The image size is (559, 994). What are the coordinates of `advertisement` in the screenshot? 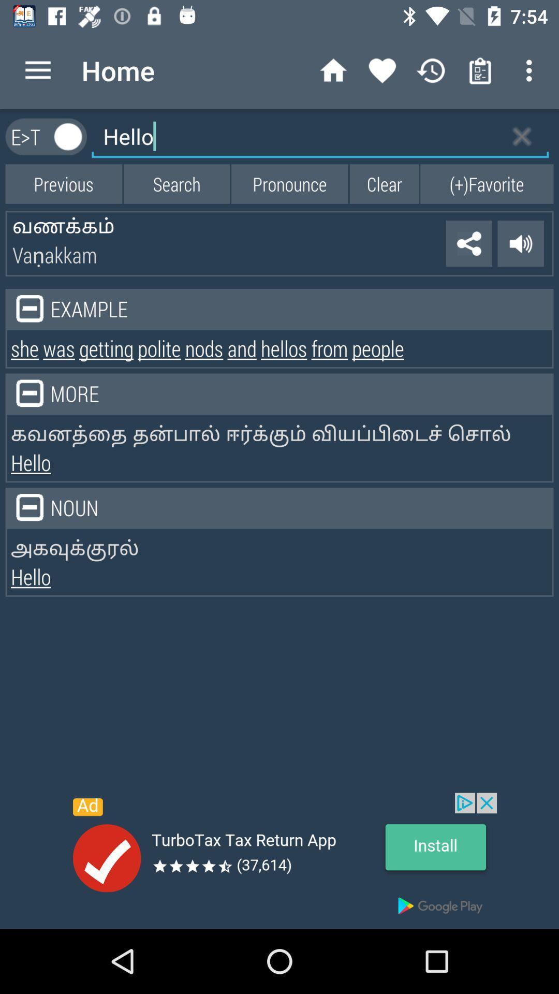 It's located at (279, 860).